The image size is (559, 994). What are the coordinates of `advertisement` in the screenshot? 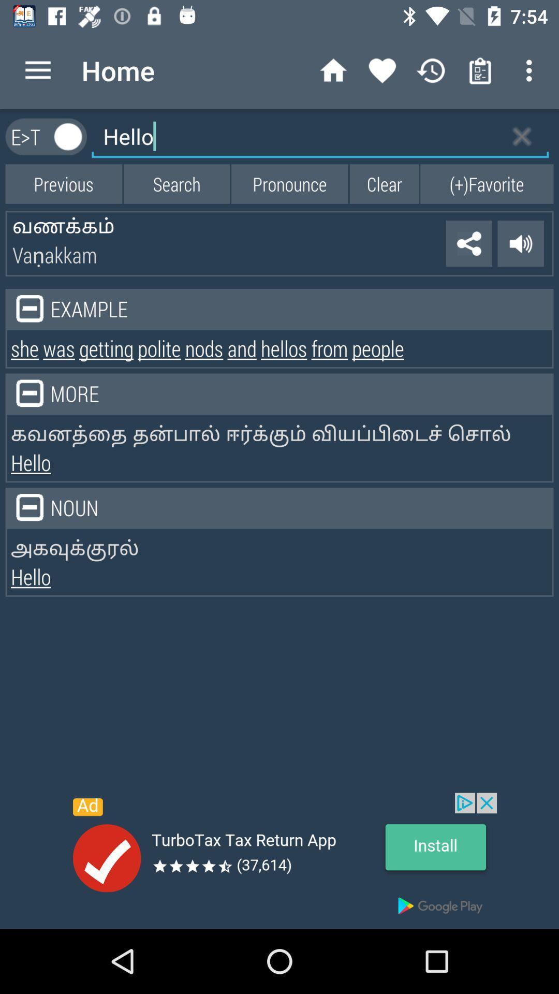 It's located at (279, 860).